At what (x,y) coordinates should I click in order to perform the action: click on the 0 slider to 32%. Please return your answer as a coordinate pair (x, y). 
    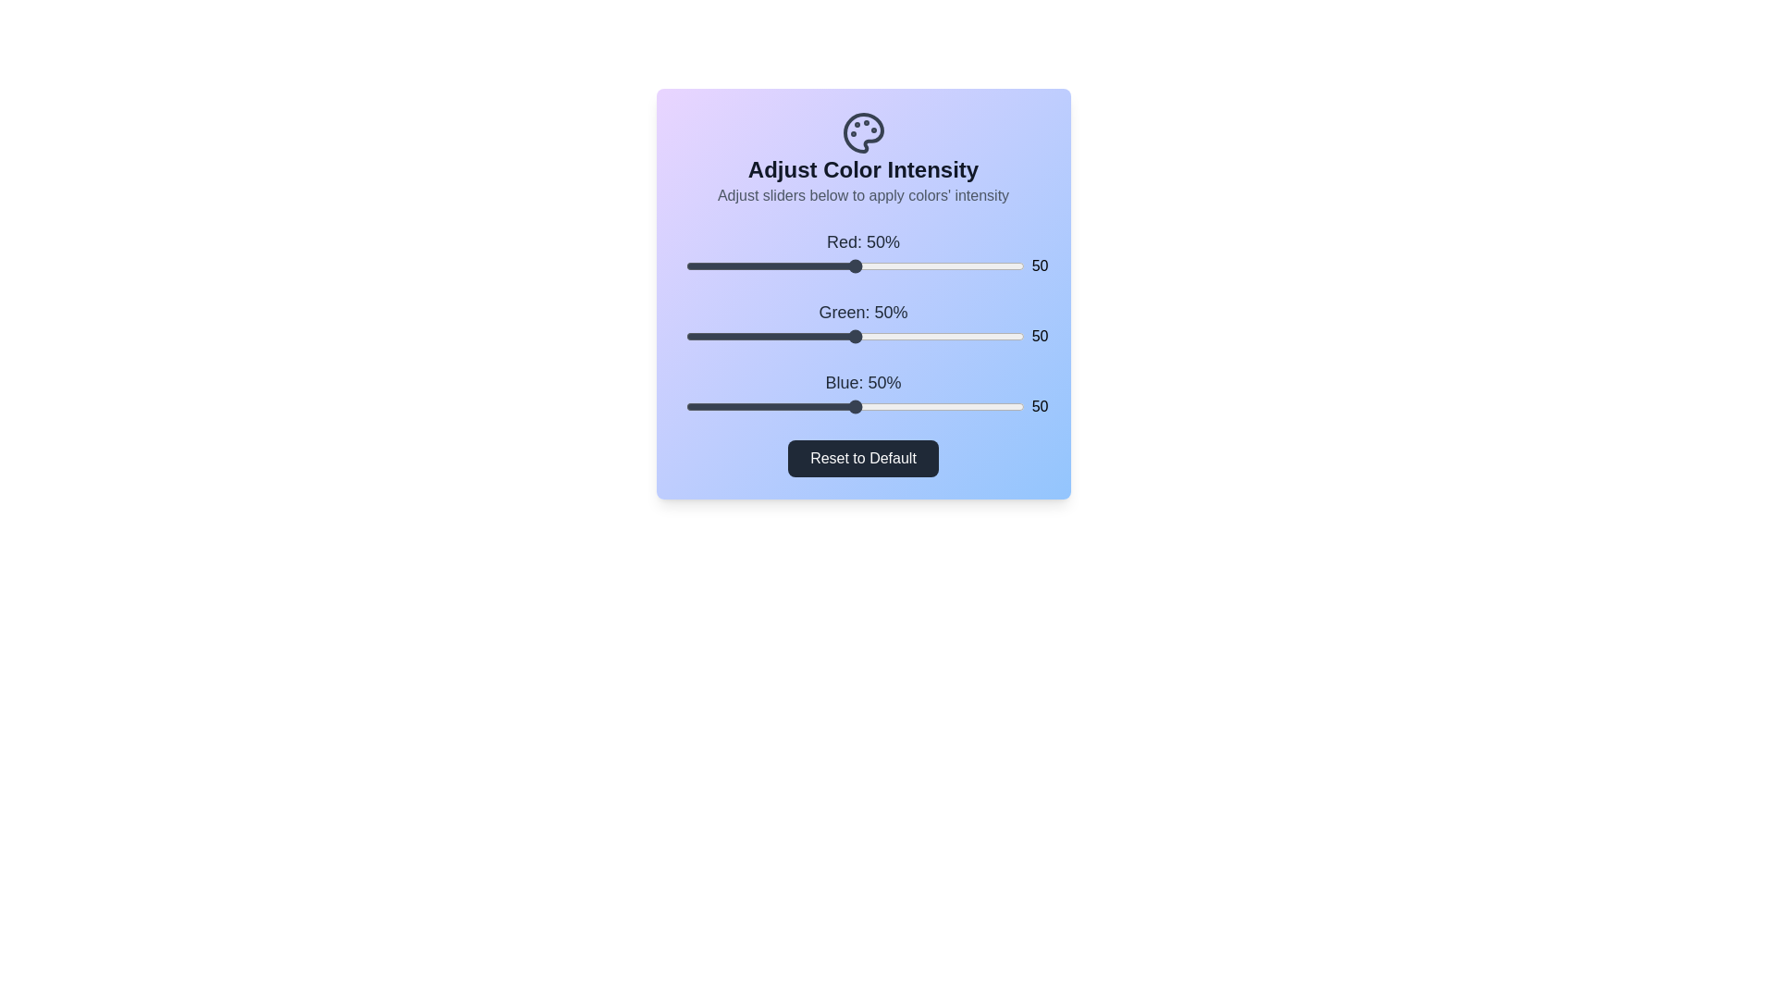
    Looking at the image, I should click on (794, 266).